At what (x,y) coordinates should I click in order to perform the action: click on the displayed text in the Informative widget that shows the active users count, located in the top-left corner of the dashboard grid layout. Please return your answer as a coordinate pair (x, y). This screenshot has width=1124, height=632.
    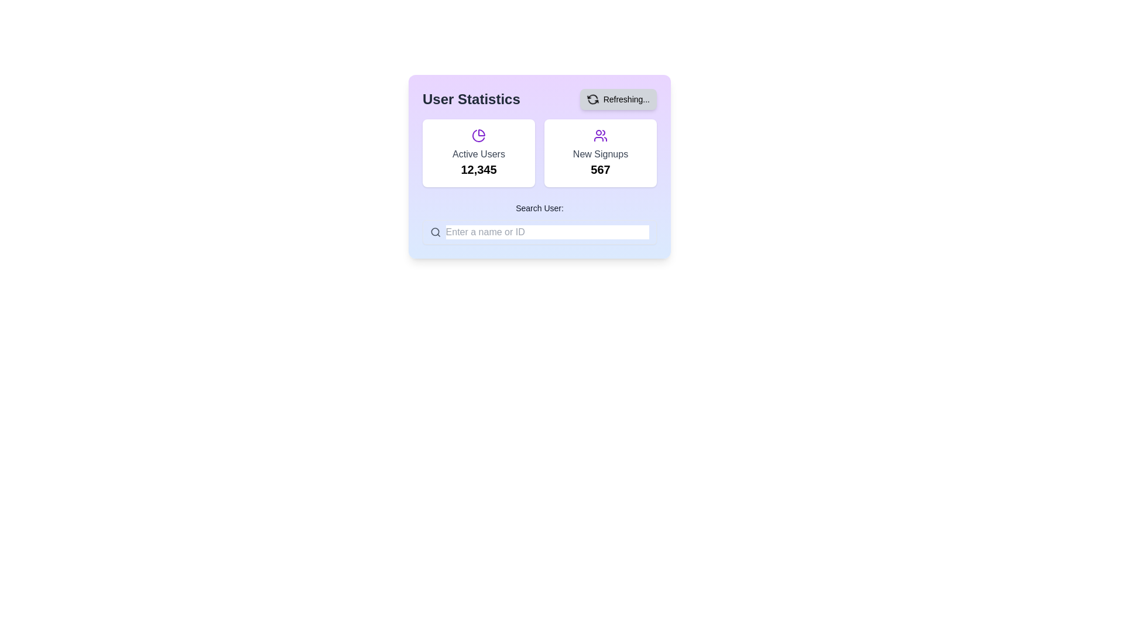
    Looking at the image, I should click on (478, 153).